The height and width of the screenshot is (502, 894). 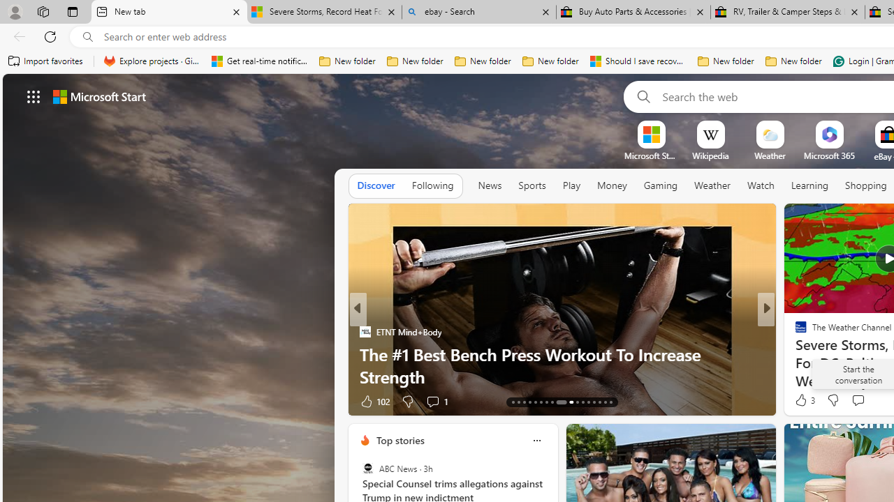 I want to click on 'Import favorites', so click(x=45, y=61).